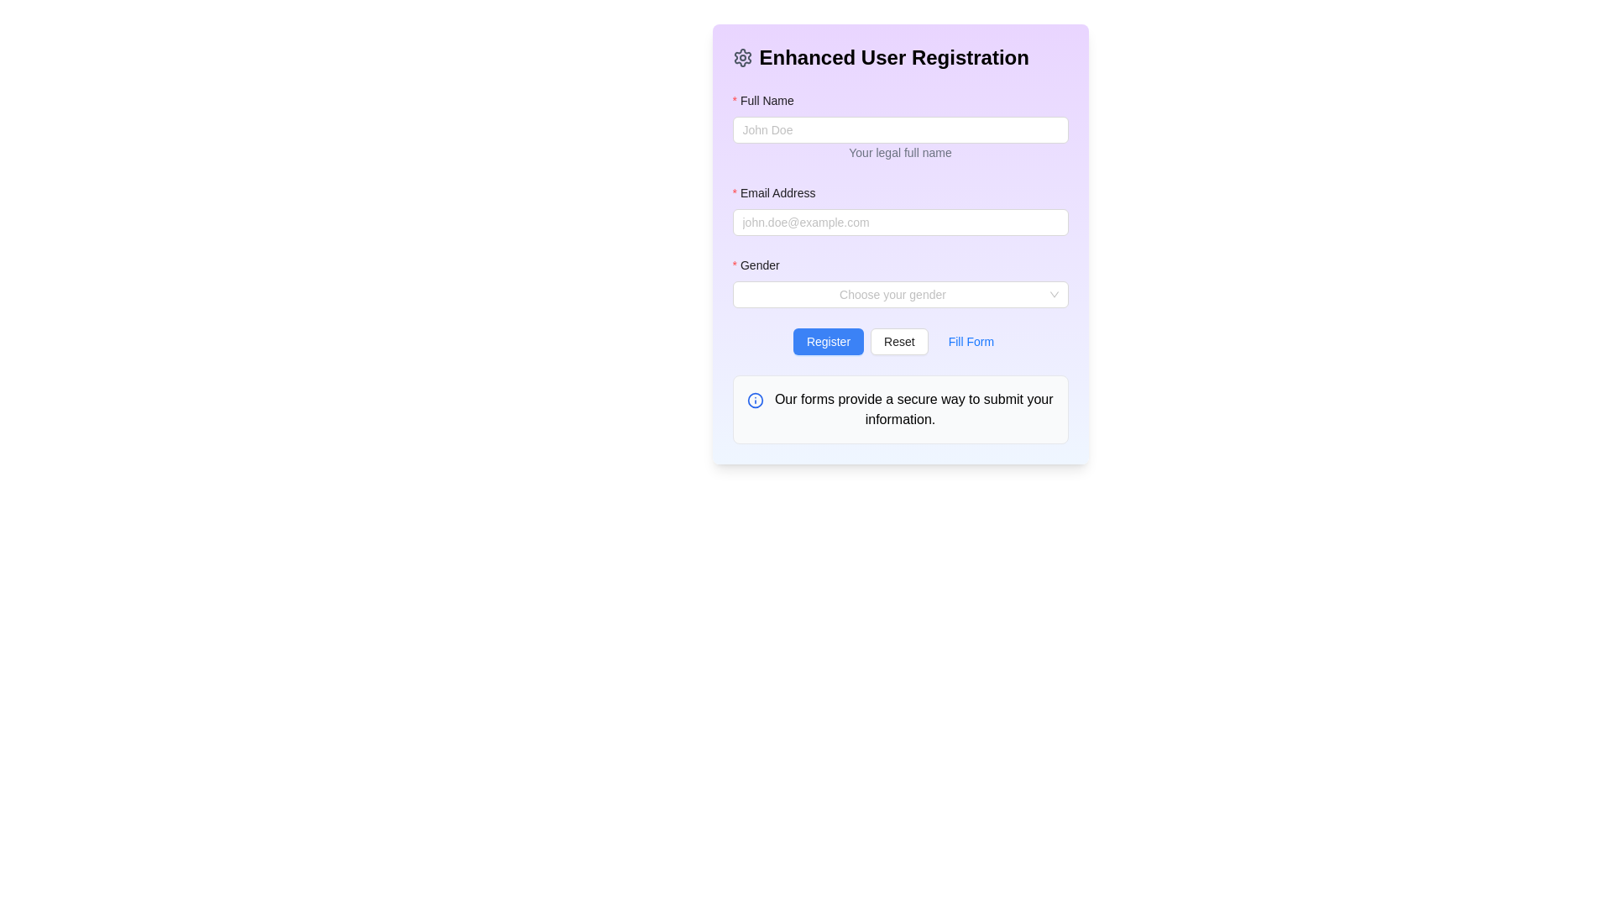  I want to click on the submit button located at the bottom of the registration form interface, which is the first button in a row of three buttons, so click(829, 341).